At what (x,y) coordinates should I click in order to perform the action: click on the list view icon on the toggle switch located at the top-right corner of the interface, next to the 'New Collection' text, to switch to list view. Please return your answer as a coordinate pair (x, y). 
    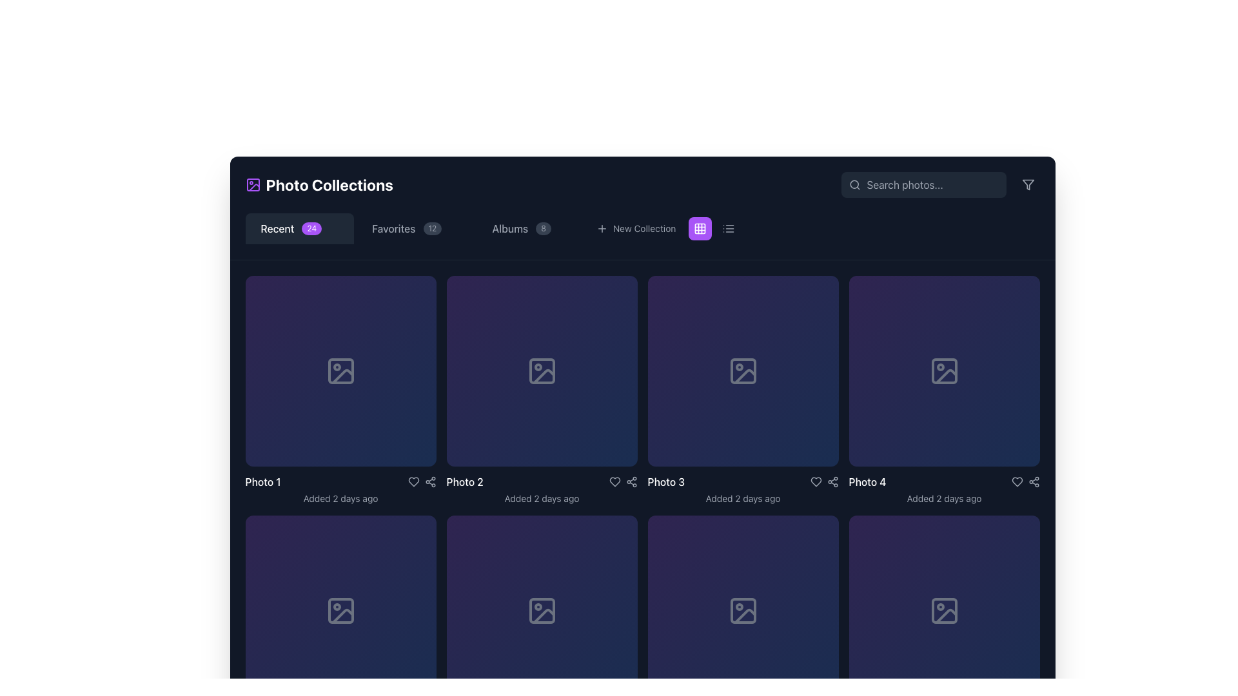
    Looking at the image, I should click on (714, 227).